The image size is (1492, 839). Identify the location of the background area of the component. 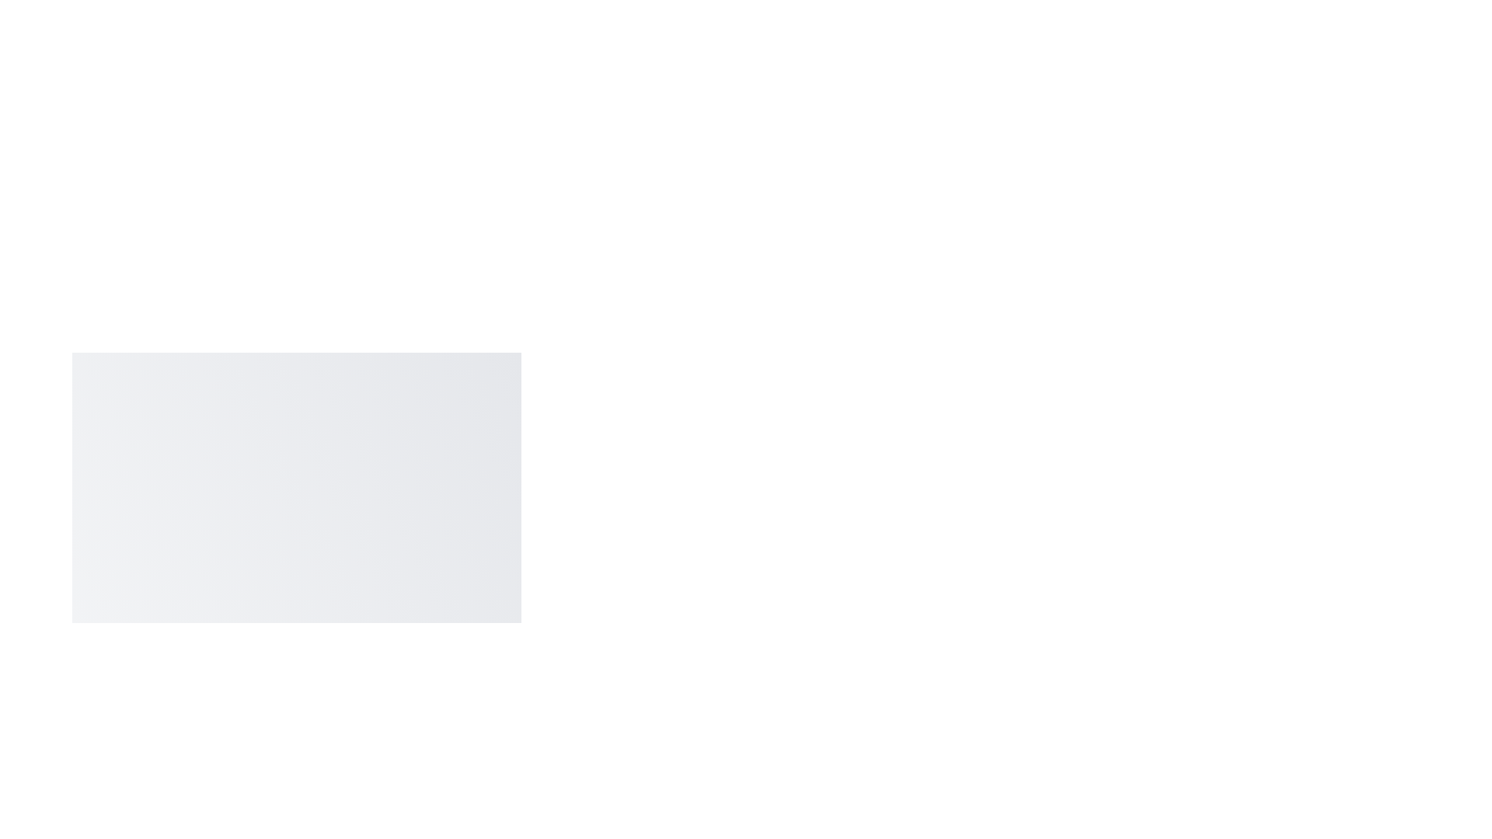
(77, 388).